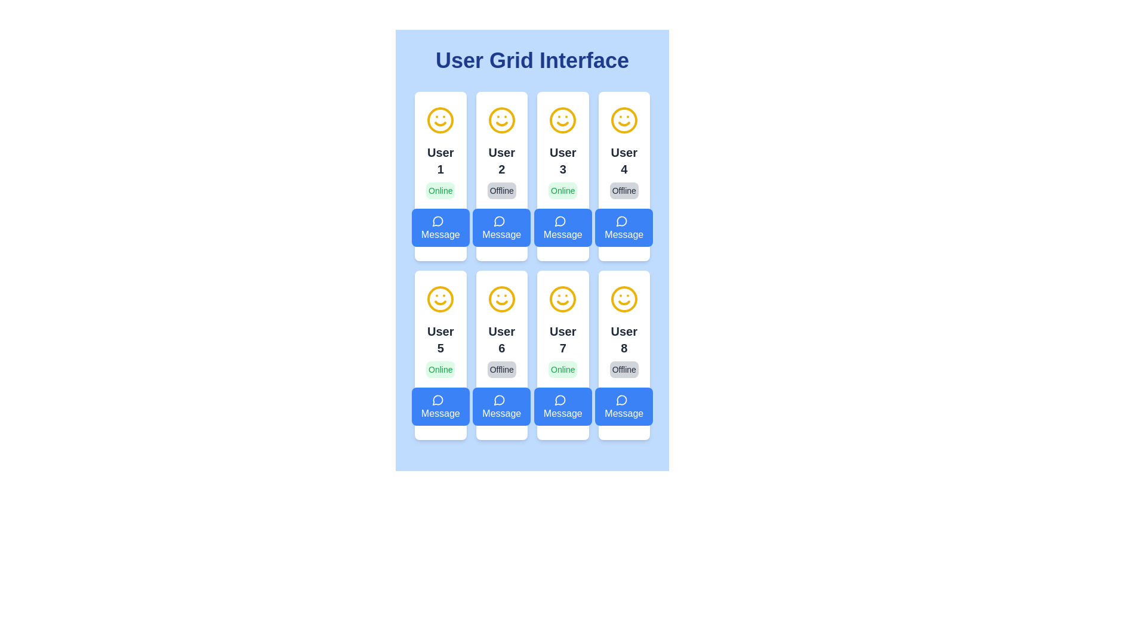 This screenshot has width=1146, height=644. I want to click on the 'Message' button icon (SVG), so click(499, 221).